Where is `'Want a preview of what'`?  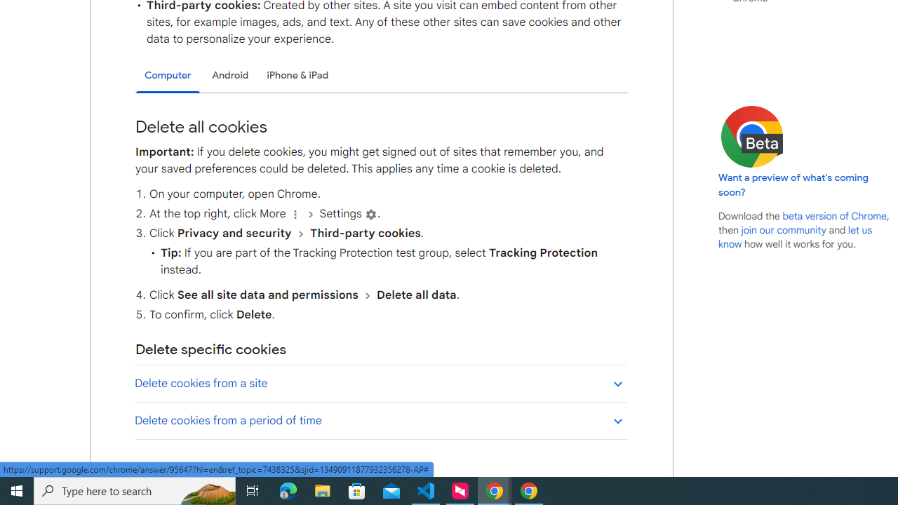
'Want a preview of what' is located at coordinates (793, 184).